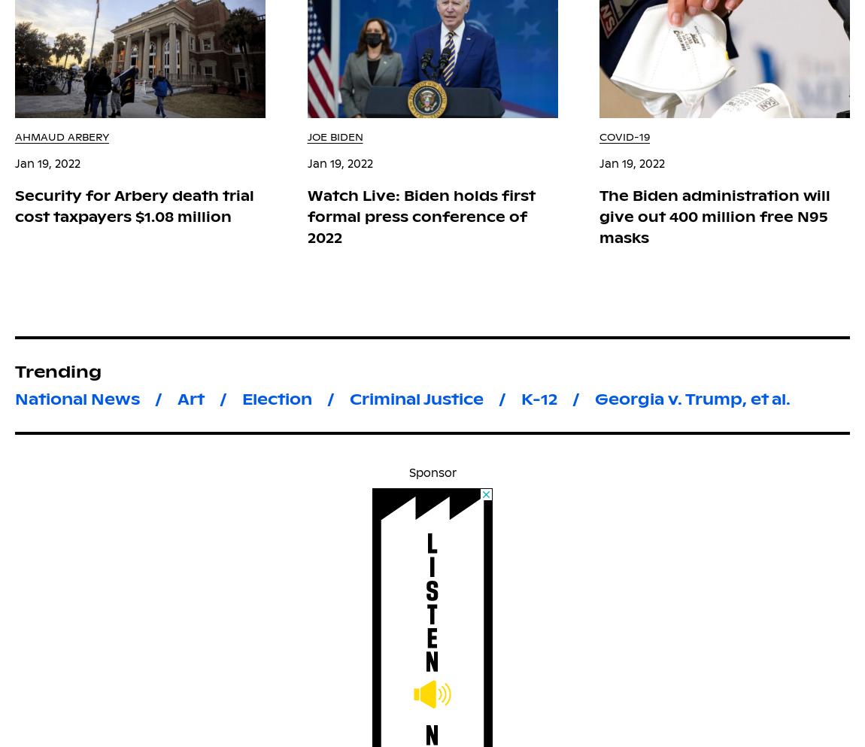 This screenshot has width=865, height=747. What do you see at coordinates (335, 136) in the screenshot?
I see `'Joe Biden'` at bounding box center [335, 136].